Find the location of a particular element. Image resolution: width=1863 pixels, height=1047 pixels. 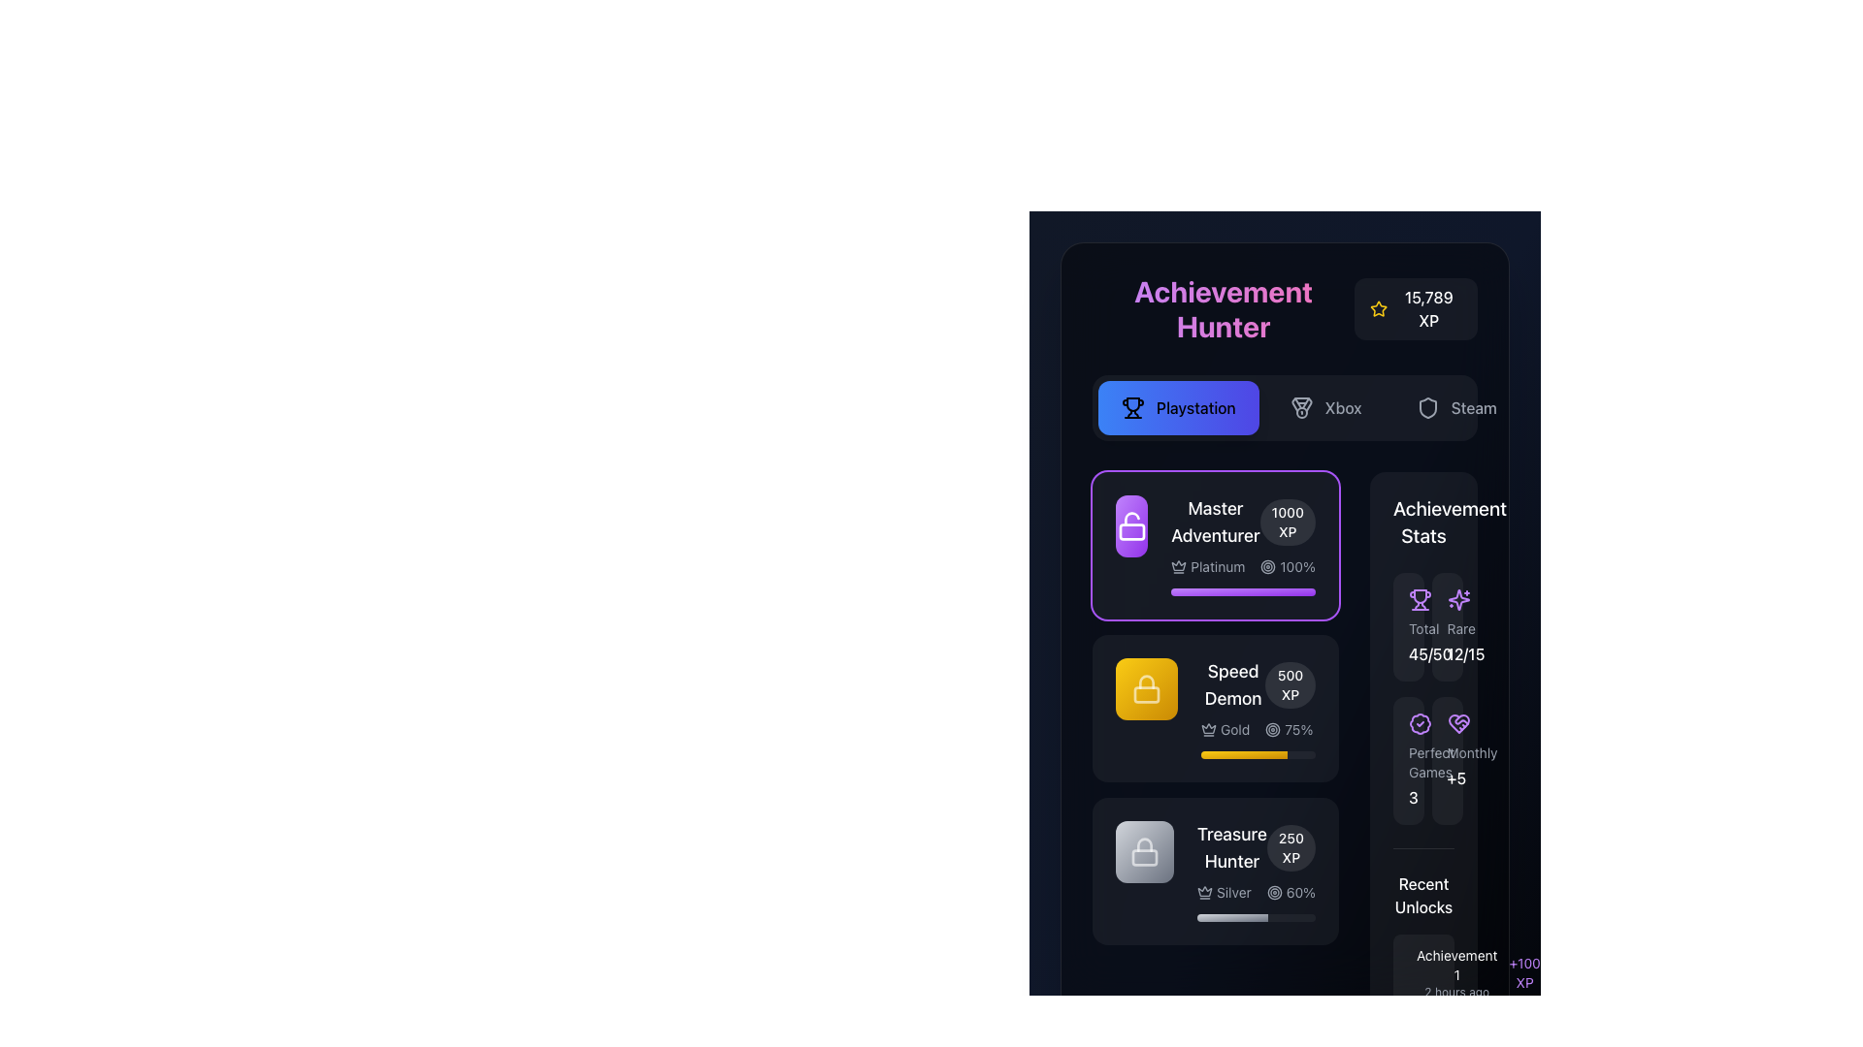

the leftmost button labeled 'Playstation', which features a trophy icon and a blue to indigo gradient background is located at coordinates (1177, 406).